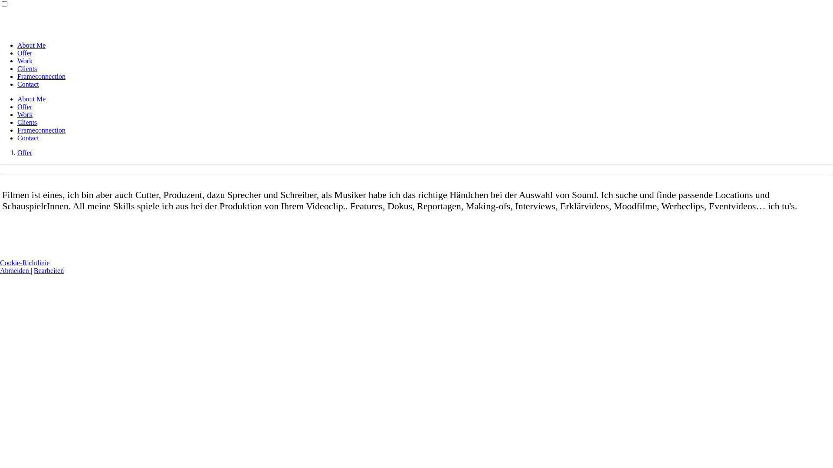 The height and width of the screenshot is (468, 833). Describe the element at coordinates (25, 152) in the screenshot. I see `'Offer'` at that location.